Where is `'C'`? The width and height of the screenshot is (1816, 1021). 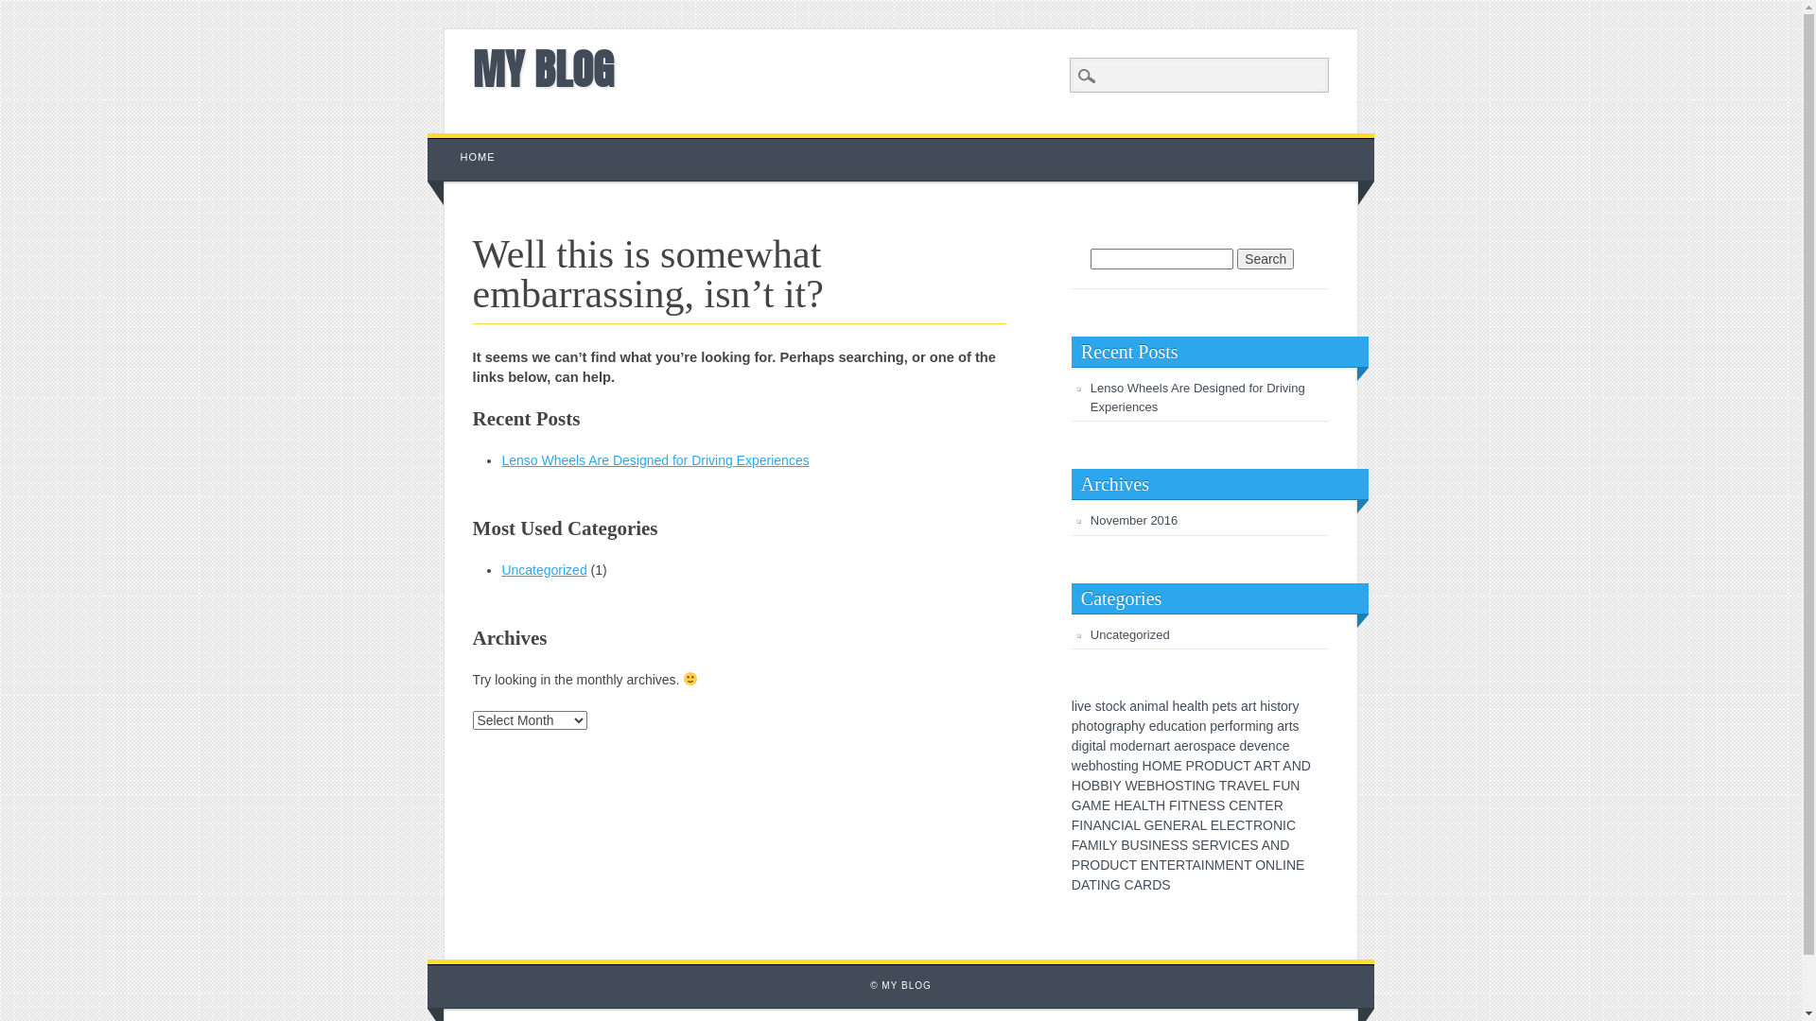 'C' is located at coordinates (1233, 805).